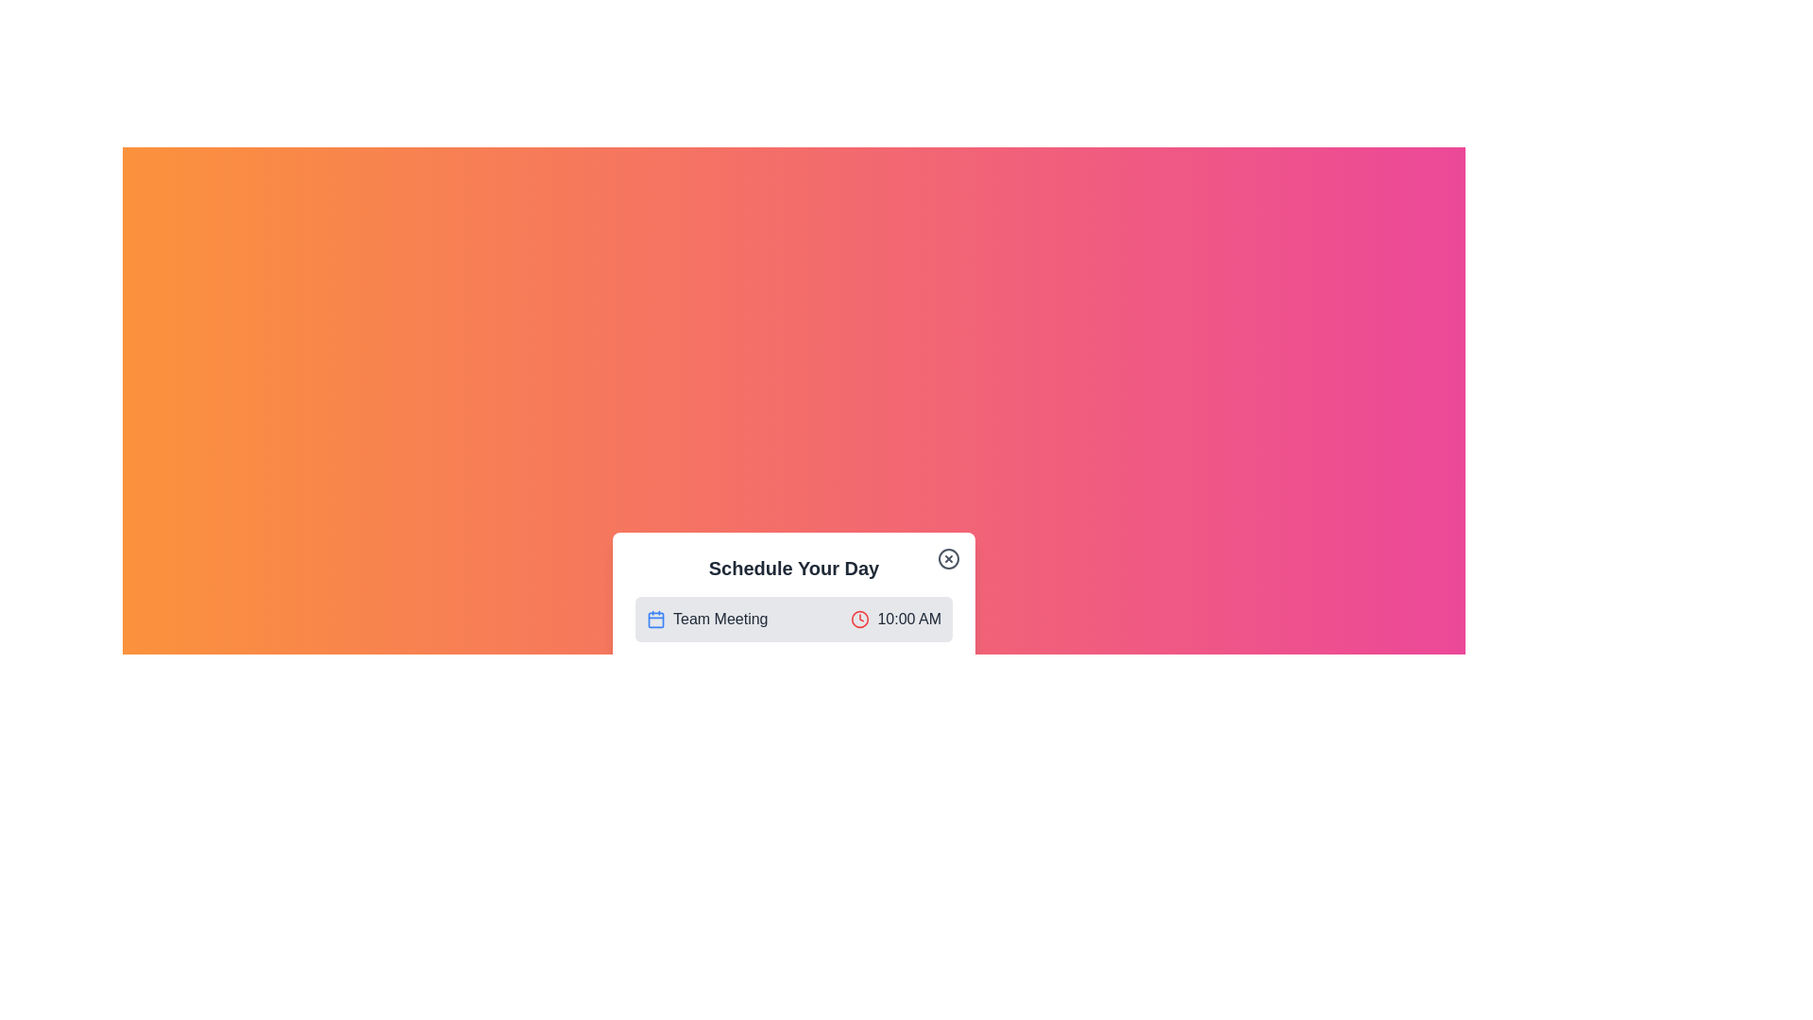 This screenshot has width=1813, height=1020. I want to click on the text element displaying '10:00 AM' with a clock icon, located in the second section of the 'Schedule Your Day' area, aligned next to the 'Team Meeting' label, so click(895, 619).